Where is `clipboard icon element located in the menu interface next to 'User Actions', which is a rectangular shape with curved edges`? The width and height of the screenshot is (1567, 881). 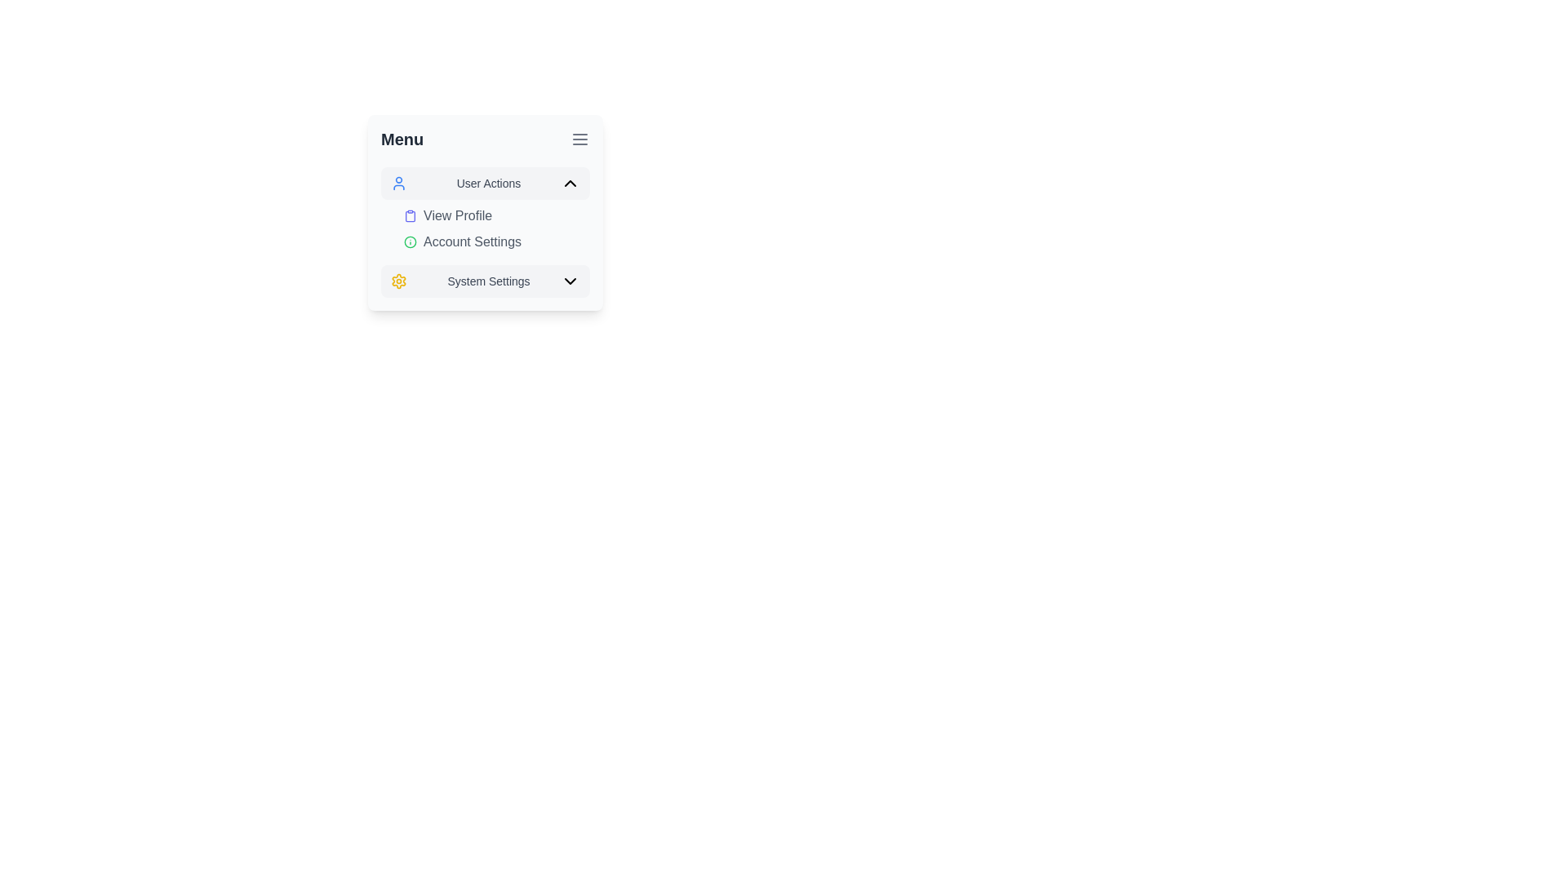
clipboard icon element located in the menu interface next to 'User Actions', which is a rectangular shape with curved edges is located at coordinates (411, 215).